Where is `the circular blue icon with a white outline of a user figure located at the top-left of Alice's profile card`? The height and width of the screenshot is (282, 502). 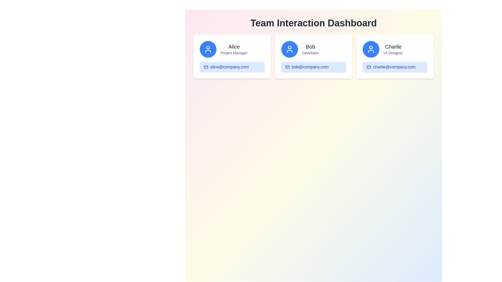 the circular blue icon with a white outline of a user figure located at the top-left of Alice's profile card is located at coordinates (208, 49).